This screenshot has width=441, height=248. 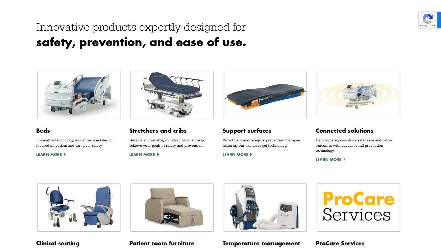 What do you see at coordinates (74, 142) in the screenshot?
I see `'Innovative technology, evidence-based design focused on patient and caregiver safety.'` at bounding box center [74, 142].